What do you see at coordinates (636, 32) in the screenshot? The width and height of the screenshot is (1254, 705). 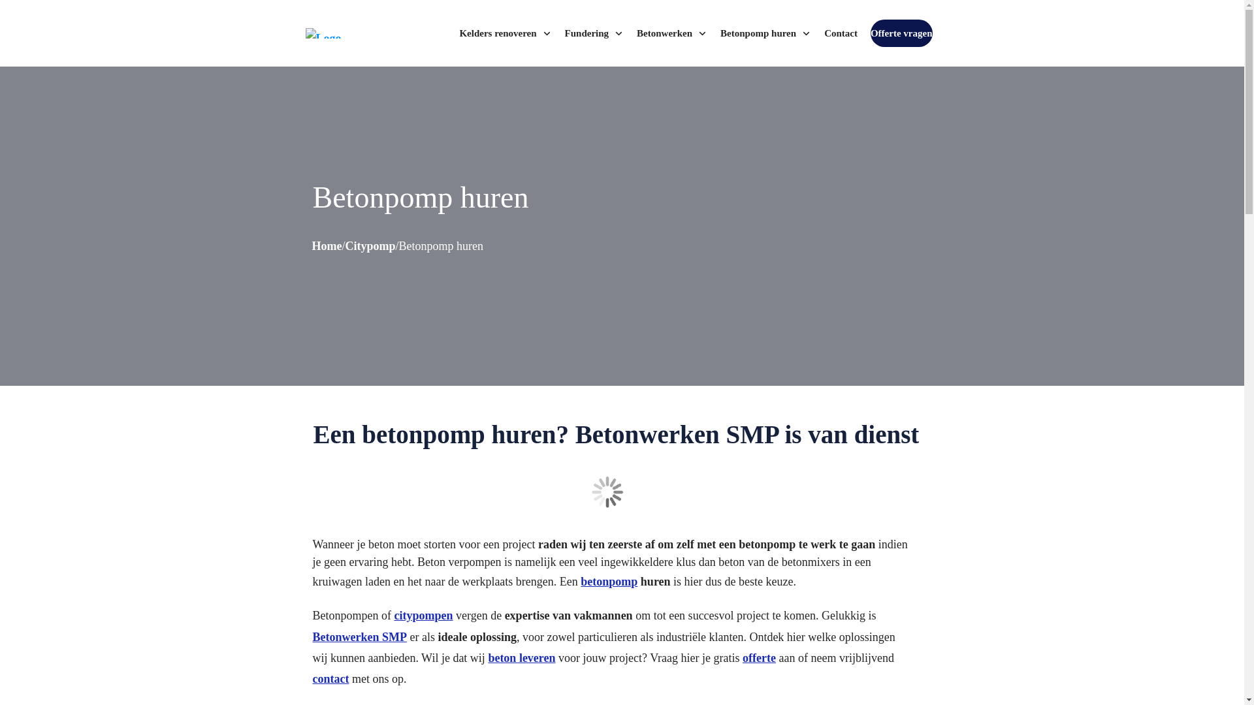 I see `'Betonwerken'` at bounding box center [636, 32].